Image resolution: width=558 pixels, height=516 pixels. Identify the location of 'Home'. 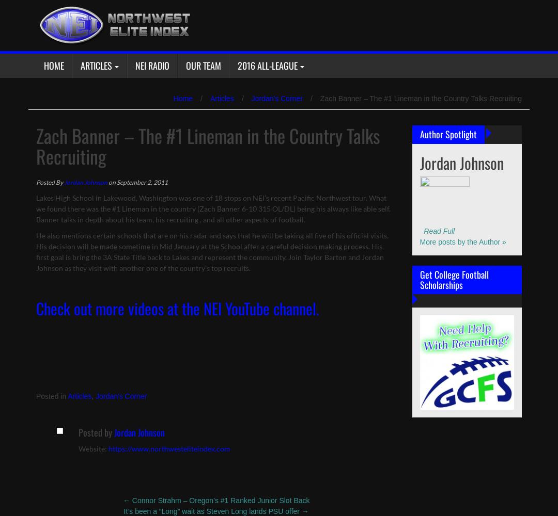
(182, 98).